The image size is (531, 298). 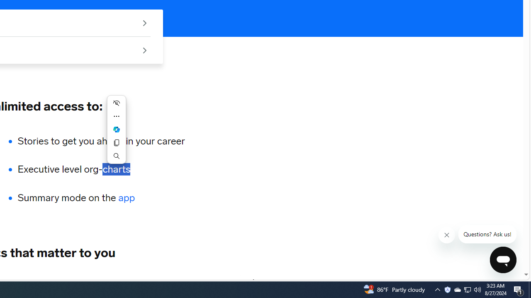 What do you see at coordinates (446, 235) in the screenshot?
I see `'Close message from company'` at bounding box center [446, 235].